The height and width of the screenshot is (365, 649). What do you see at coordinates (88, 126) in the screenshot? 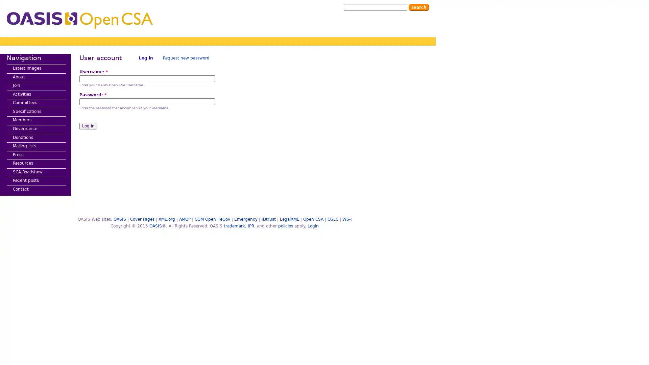
I see `Log in` at bounding box center [88, 126].